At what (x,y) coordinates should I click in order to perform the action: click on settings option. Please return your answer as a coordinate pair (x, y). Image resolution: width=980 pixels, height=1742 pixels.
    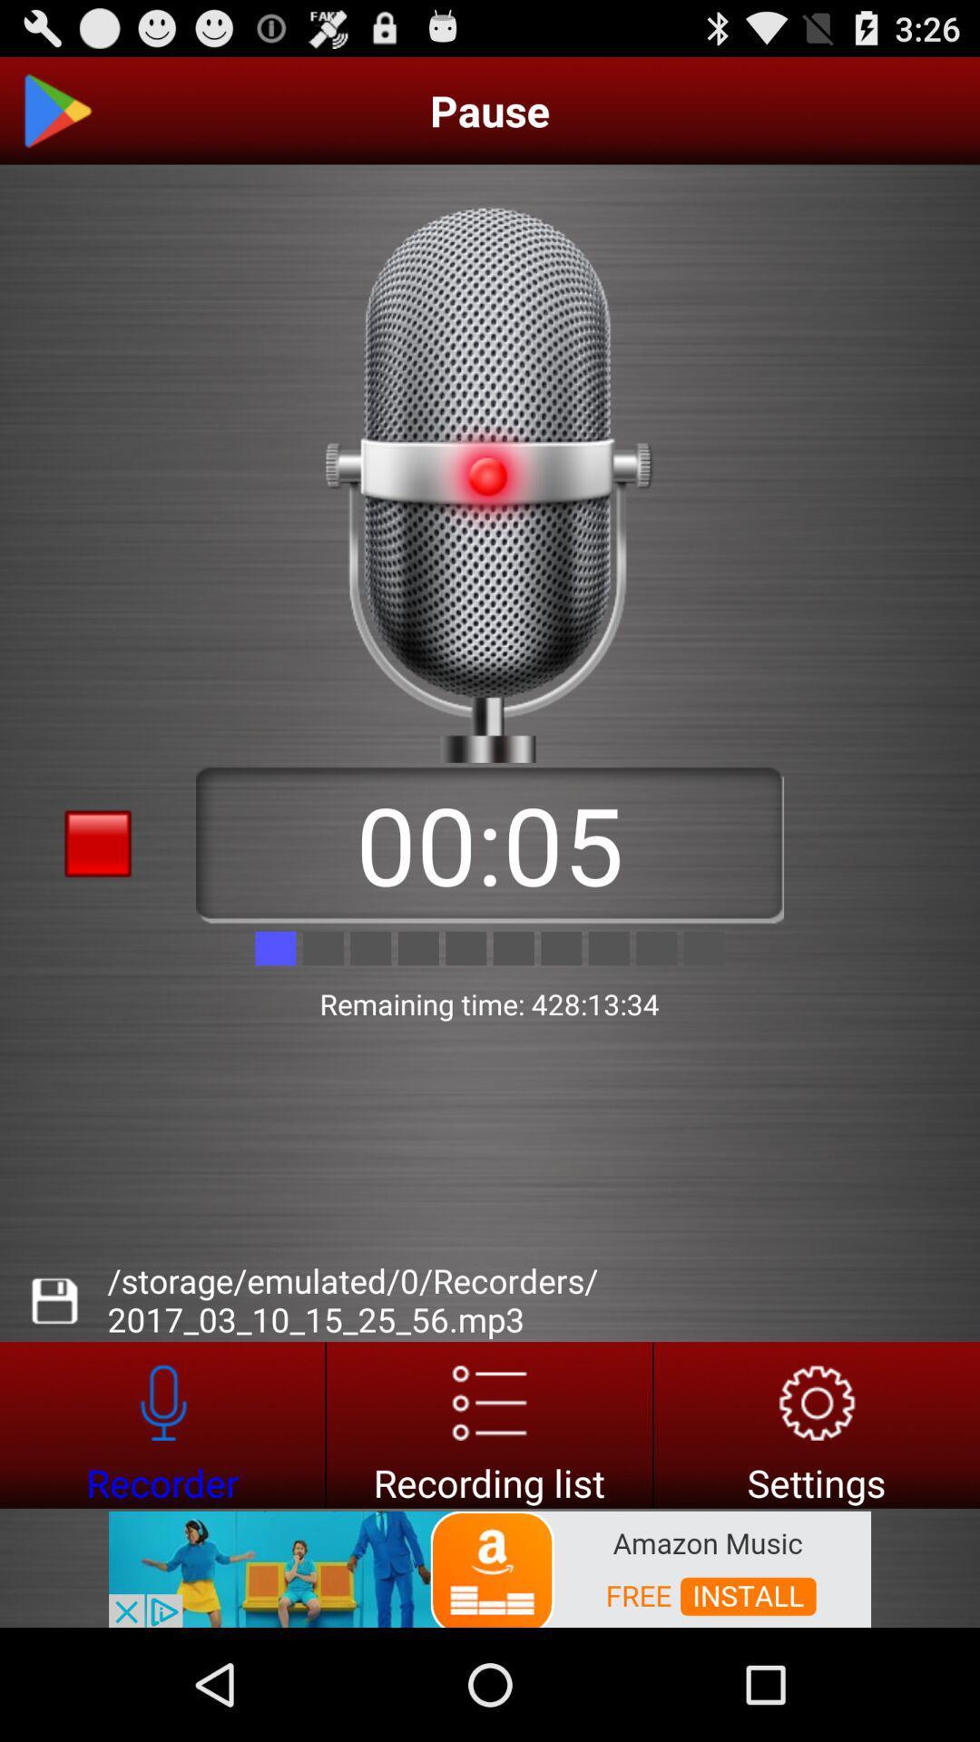
    Looking at the image, I should click on (817, 1424).